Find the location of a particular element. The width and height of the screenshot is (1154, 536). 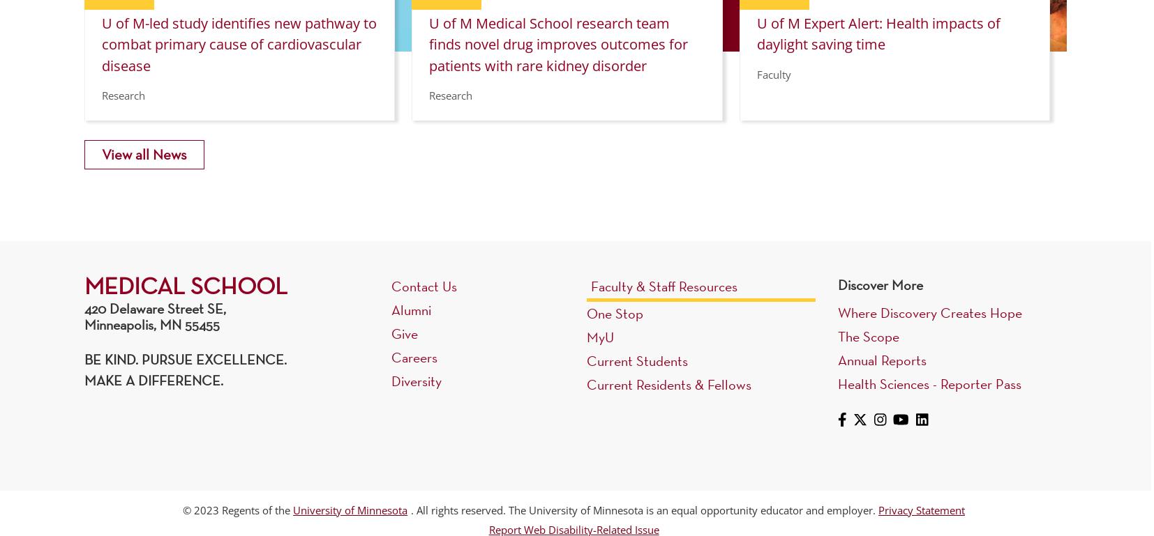

'. All rights reserved. The University of Minnesota is an equal opportunity educator and employer.' is located at coordinates (643, 509).